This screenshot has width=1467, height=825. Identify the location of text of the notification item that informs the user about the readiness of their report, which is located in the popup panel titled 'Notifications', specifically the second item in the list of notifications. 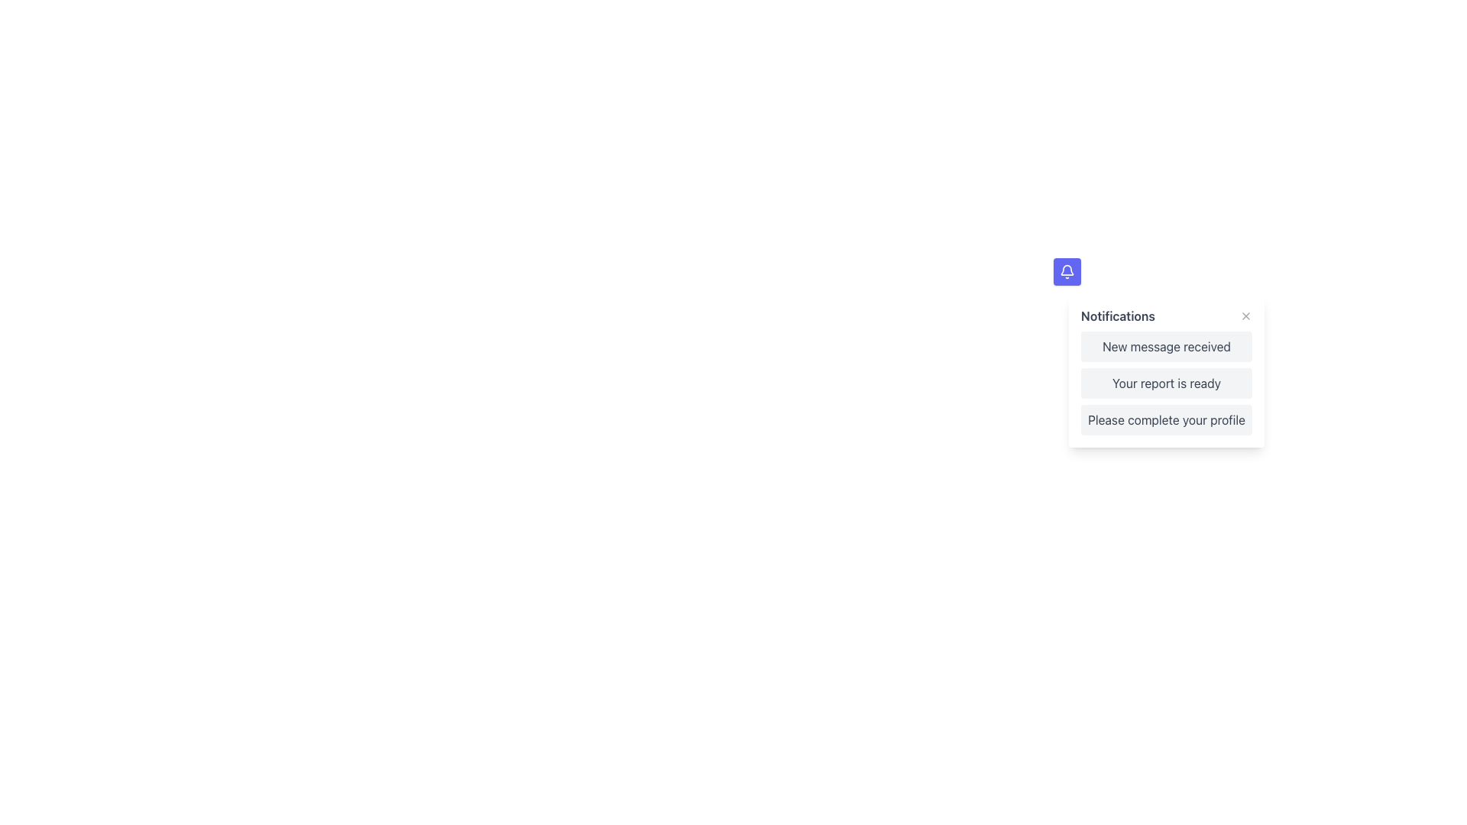
(1165, 382).